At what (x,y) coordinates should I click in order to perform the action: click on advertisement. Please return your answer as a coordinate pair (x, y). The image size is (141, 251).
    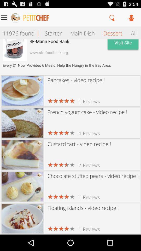
    Looking at the image, I should click on (70, 57).